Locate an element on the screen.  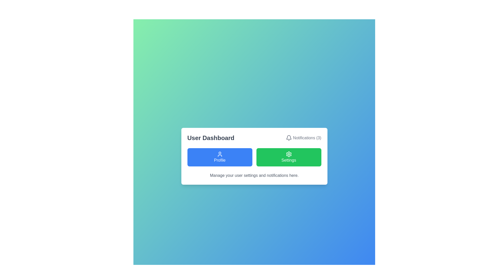
the notification bell icon located to the left of the 'Notifications (3)' text at the top-right corner of the dashboard card is located at coordinates (289, 138).